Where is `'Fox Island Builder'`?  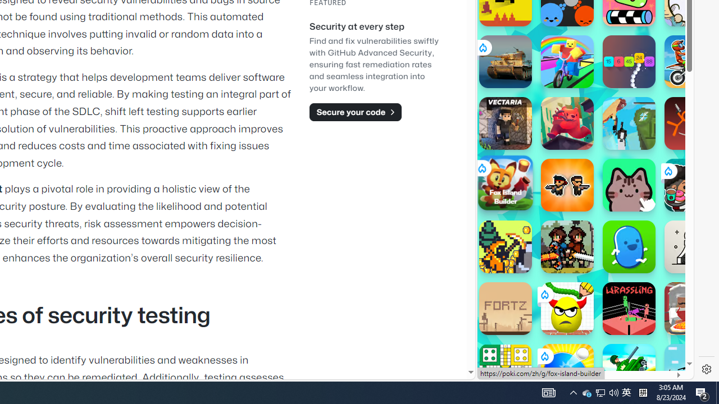
'Fox Island Builder' is located at coordinates (504, 182).